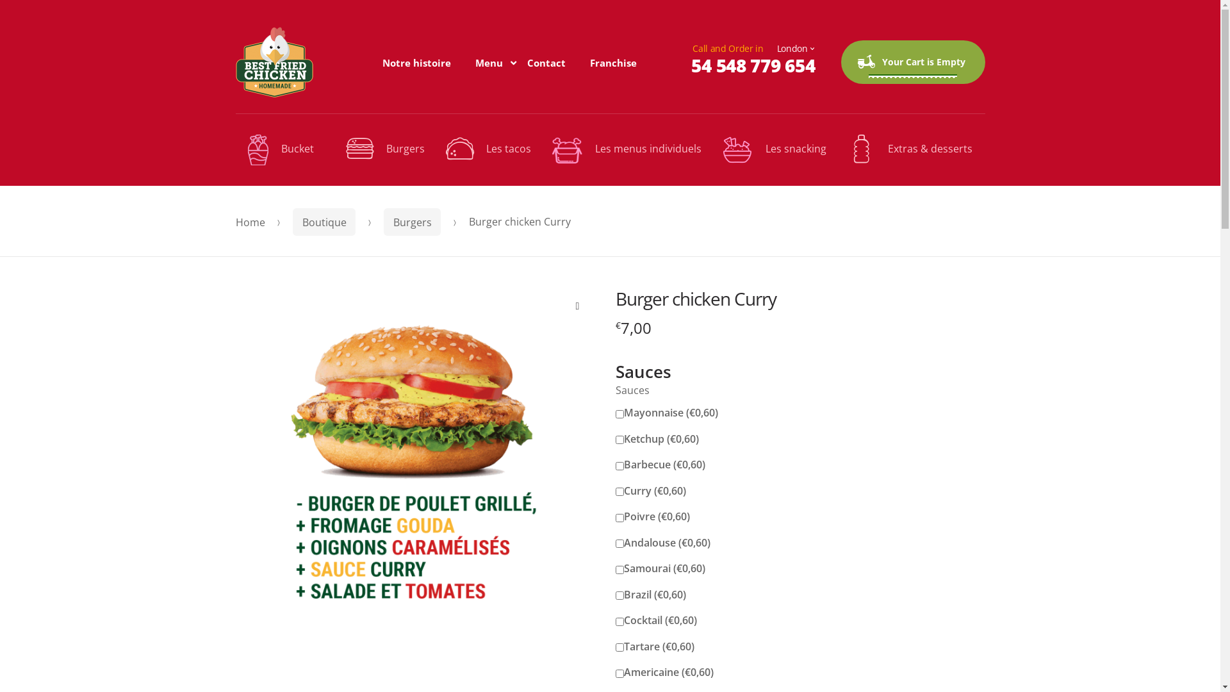 Image resolution: width=1230 pixels, height=692 pixels. What do you see at coordinates (250, 222) in the screenshot?
I see `'Home'` at bounding box center [250, 222].